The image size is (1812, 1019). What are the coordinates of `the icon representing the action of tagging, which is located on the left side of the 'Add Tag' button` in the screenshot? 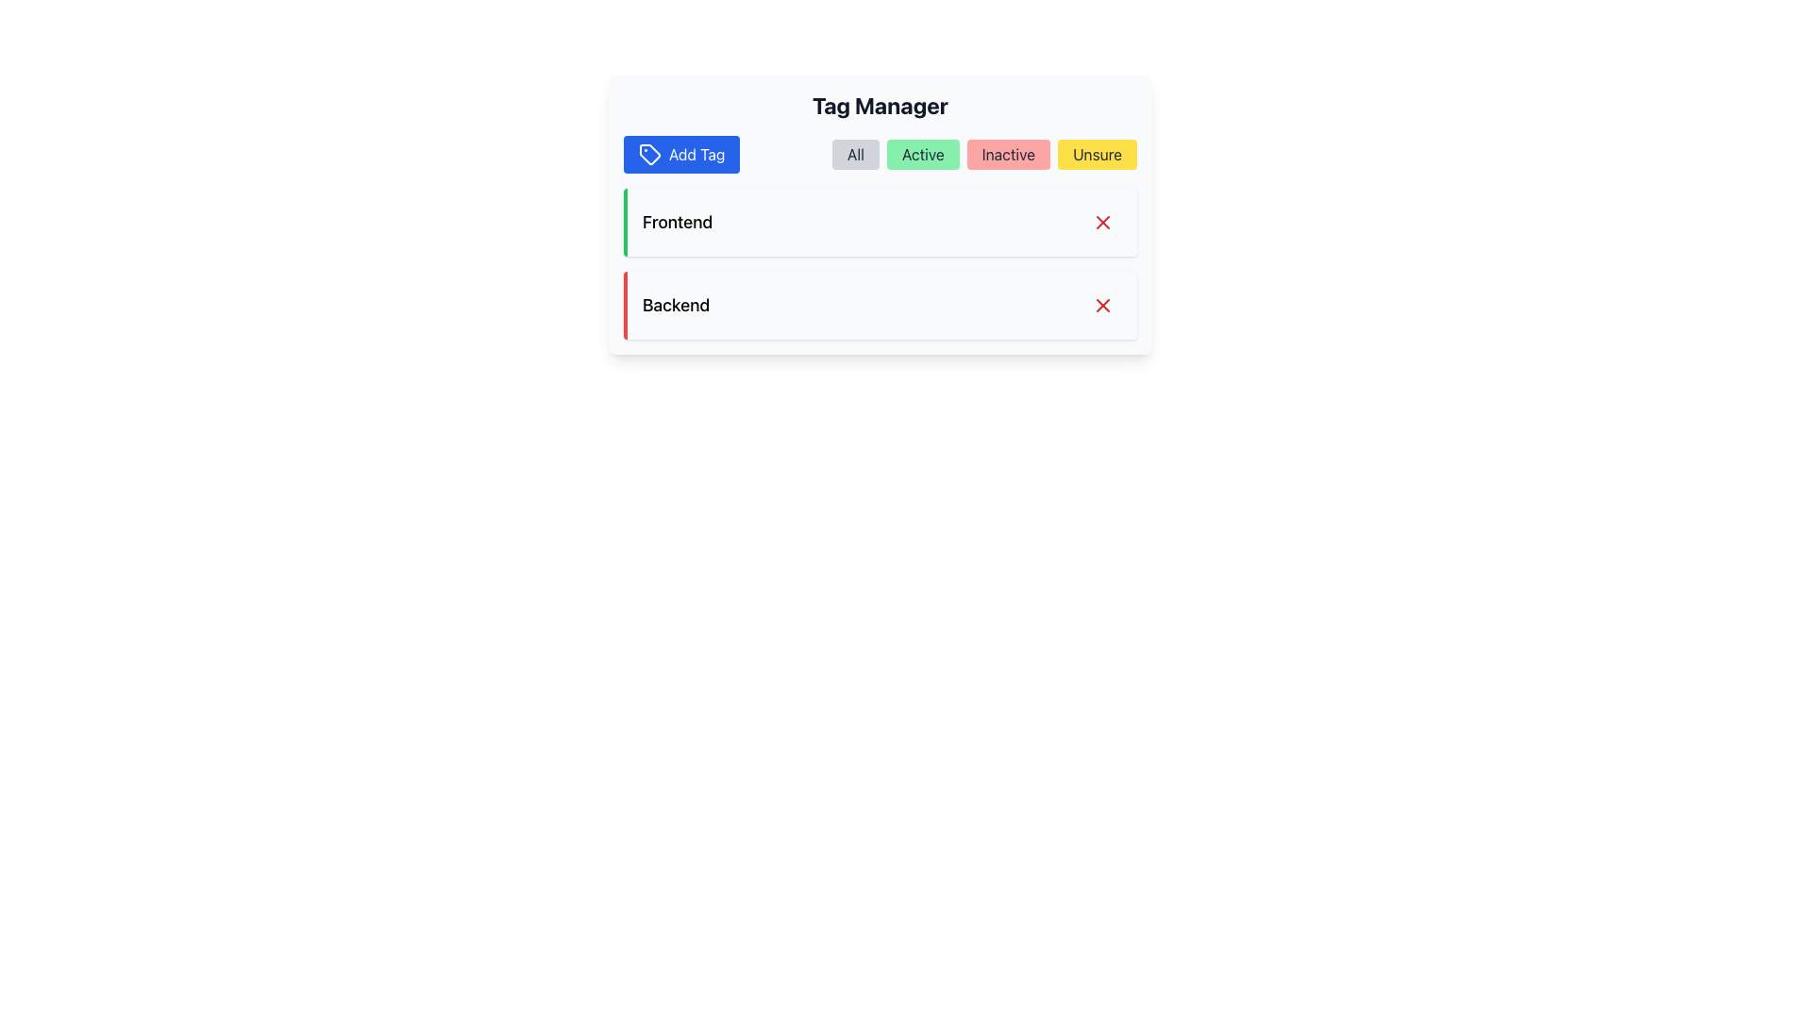 It's located at (650, 154).